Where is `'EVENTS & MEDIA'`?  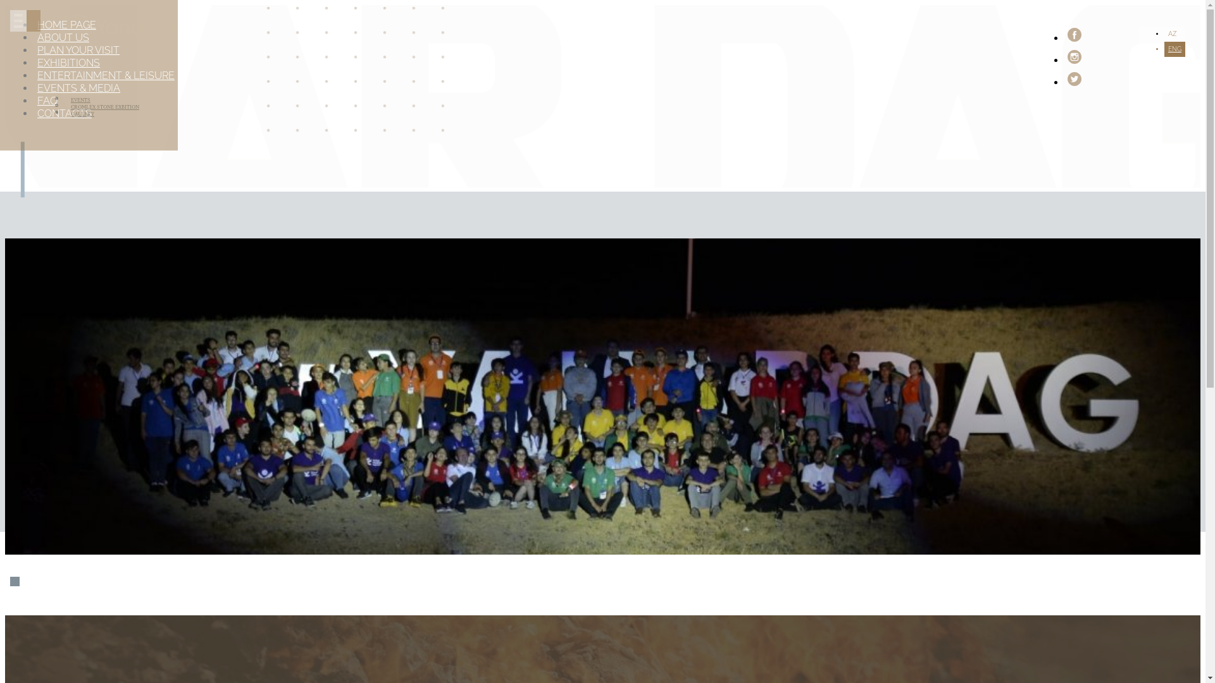
'EVENTS & MEDIA' is located at coordinates (78, 87).